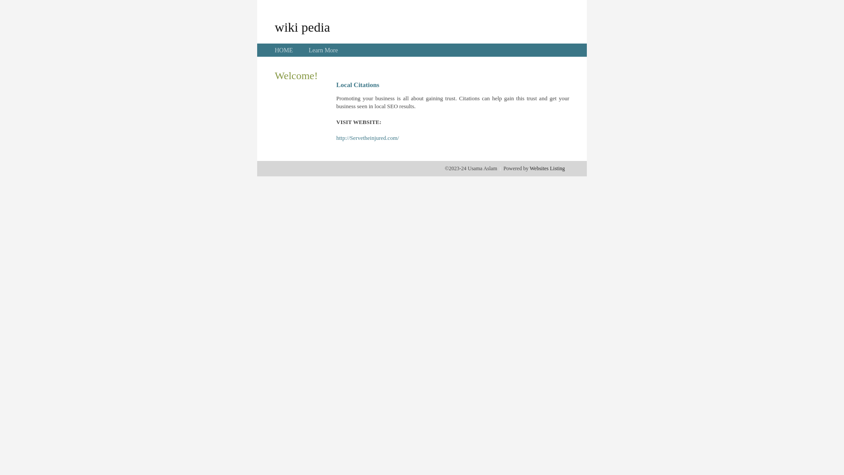 The width and height of the screenshot is (844, 475). Describe the element at coordinates (284, 50) in the screenshot. I see `'HOME'` at that location.